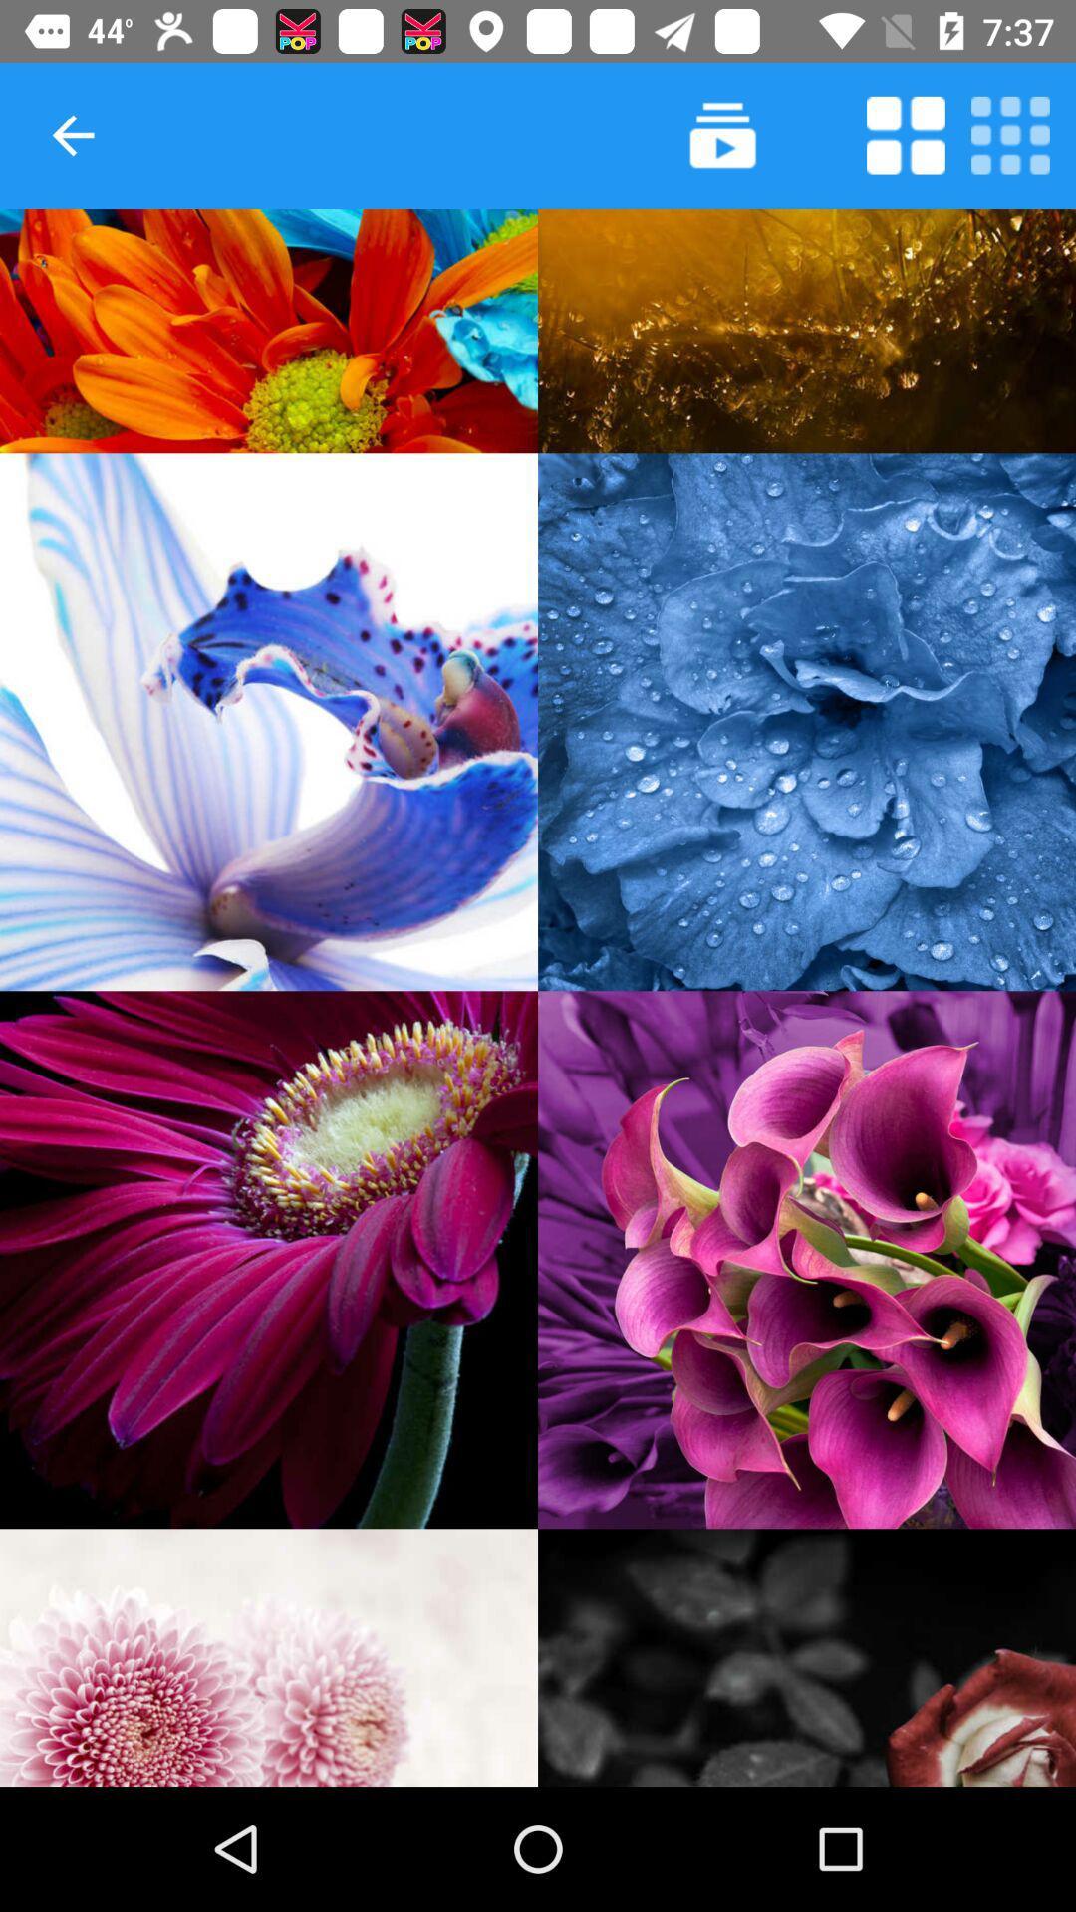  Describe the element at coordinates (269, 1259) in the screenshot. I see `larger photo` at that location.